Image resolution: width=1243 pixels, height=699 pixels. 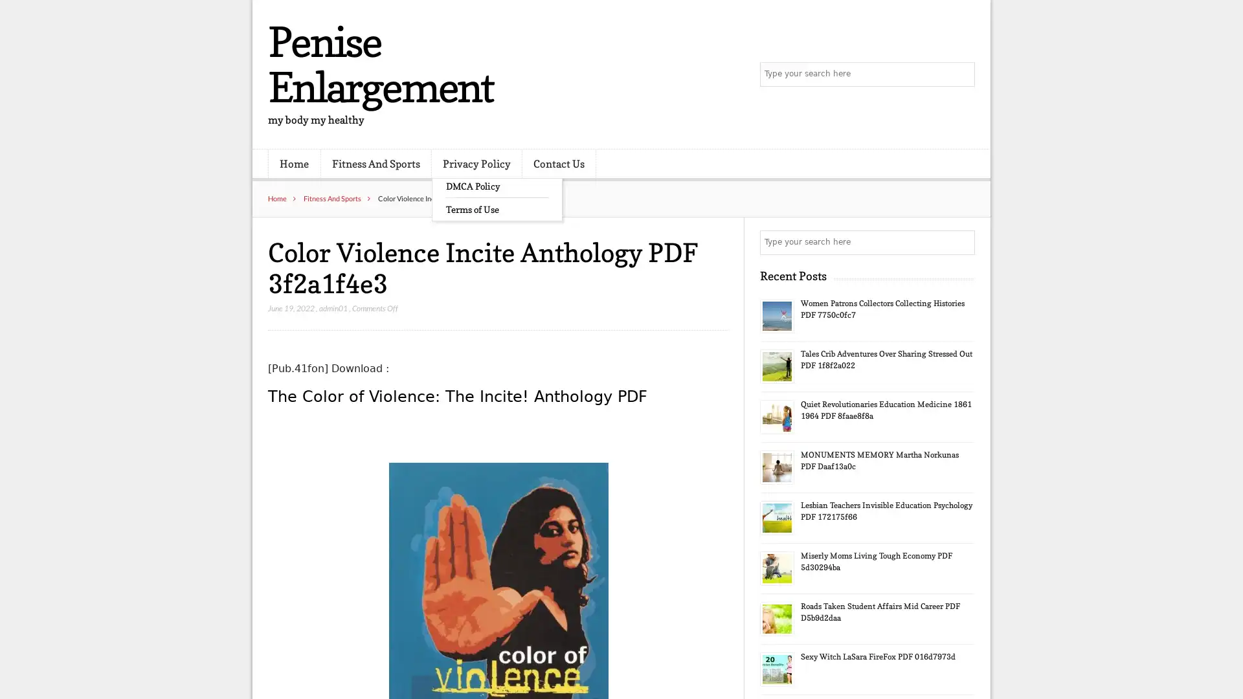 What do you see at coordinates (961, 242) in the screenshot?
I see `Search` at bounding box center [961, 242].